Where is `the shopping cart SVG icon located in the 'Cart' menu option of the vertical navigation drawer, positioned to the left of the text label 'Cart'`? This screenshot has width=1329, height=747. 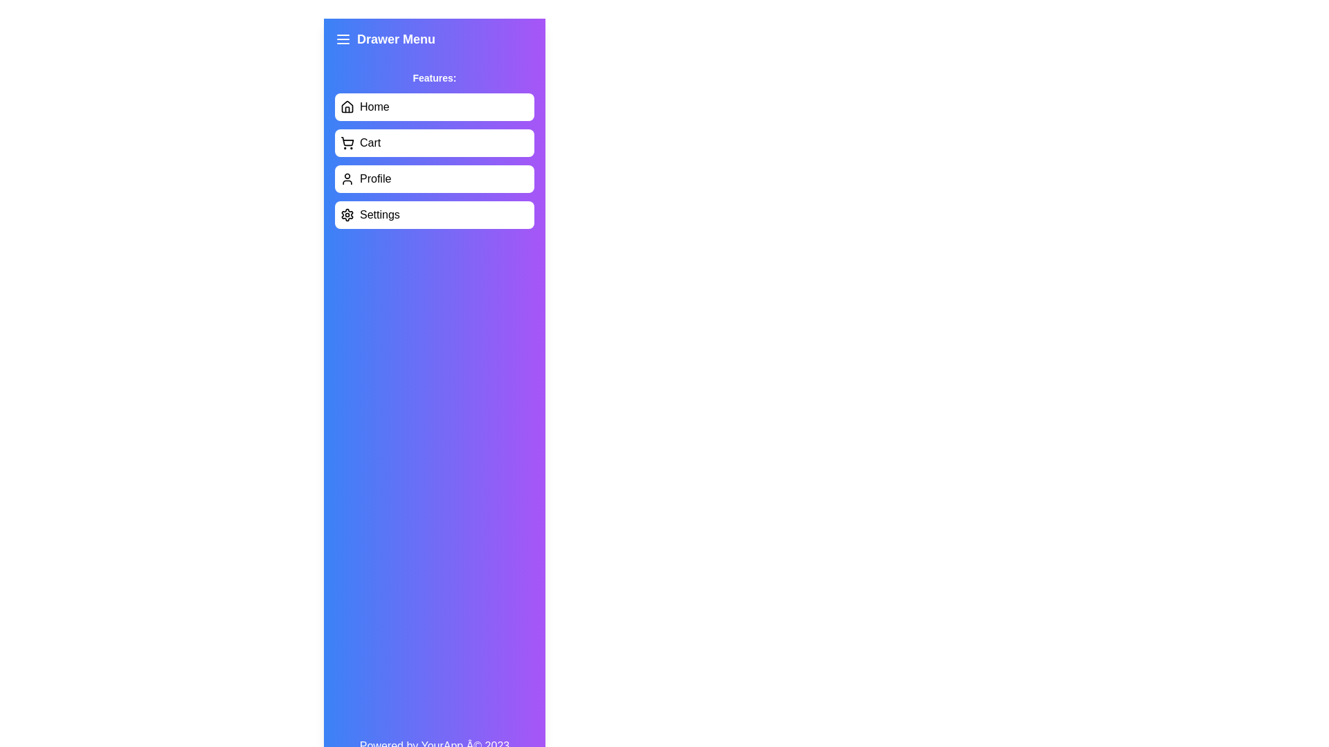 the shopping cart SVG icon located in the 'Cart' menu option of the vertical navigation drawer, positioned to the left of the text label 'Cart' is located at coordinates (347, 143).